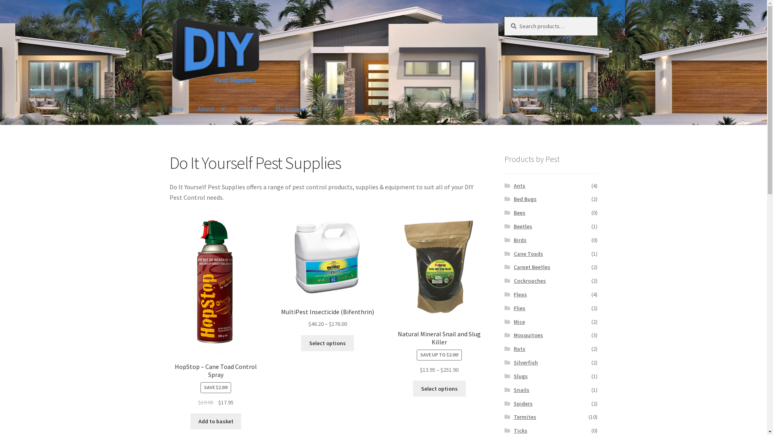  Describe the element at coordinates (520, 294) in the screenshot. I see `'Fleas'` at that location.